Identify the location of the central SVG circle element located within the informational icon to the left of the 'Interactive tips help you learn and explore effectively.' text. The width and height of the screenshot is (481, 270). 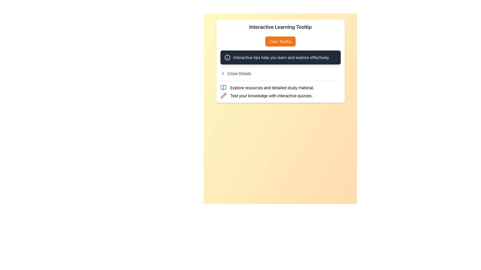
(227, 57).